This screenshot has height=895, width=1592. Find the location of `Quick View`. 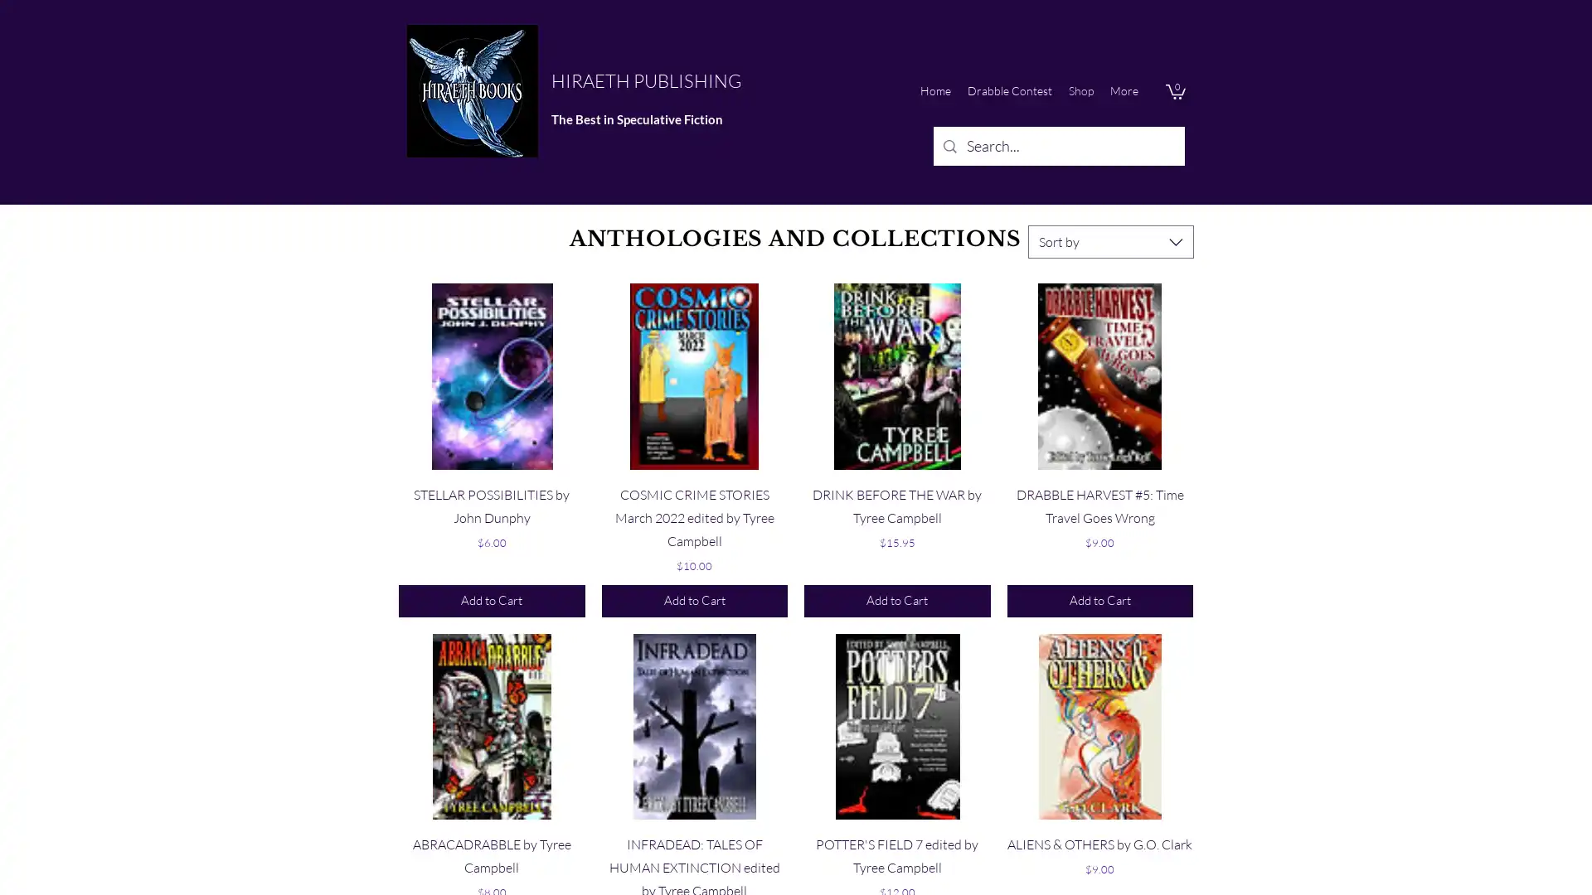

Quick View is located at coordinates (491, 488).